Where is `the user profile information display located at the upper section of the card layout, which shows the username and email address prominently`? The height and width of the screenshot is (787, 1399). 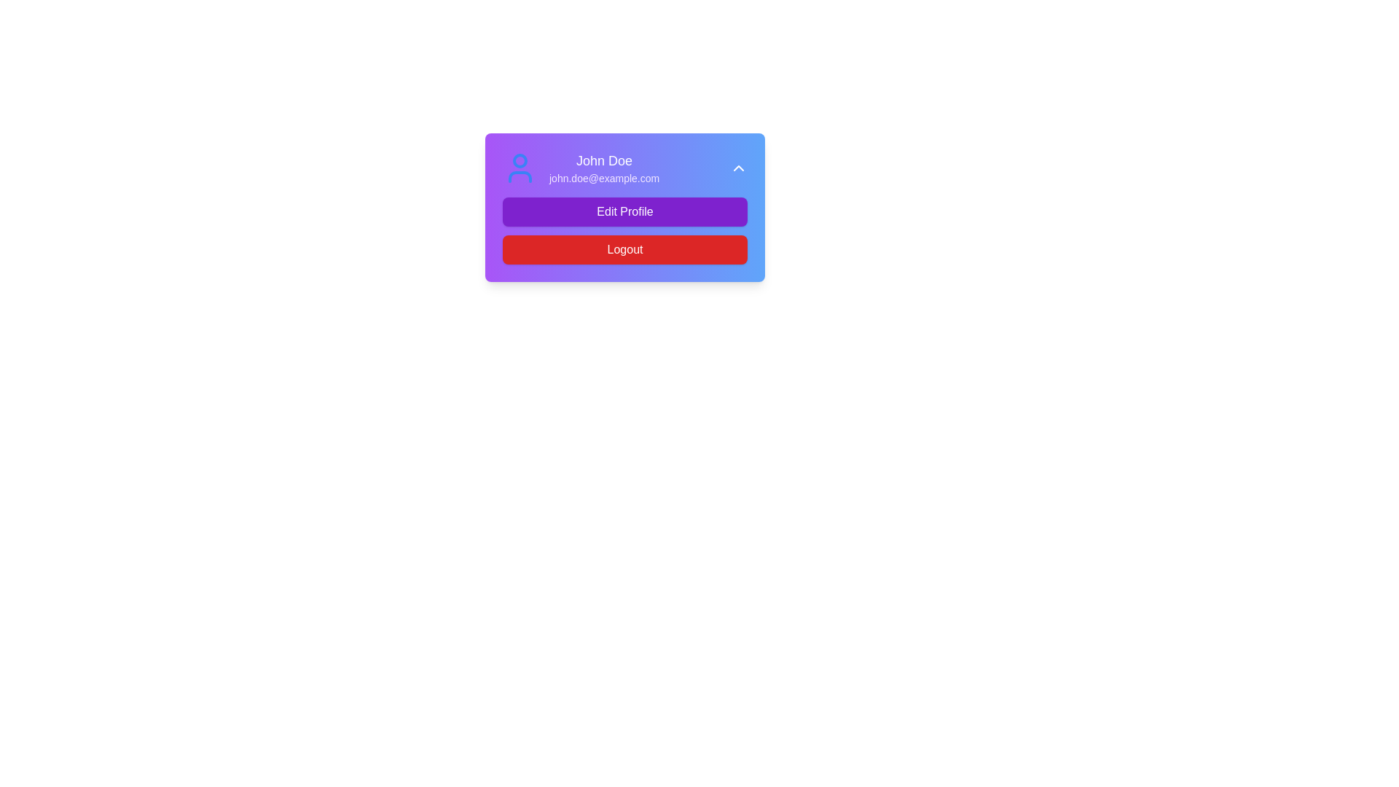
the user profile information display located at the upper section of the card layout, which shows the username and email address prominently is located at coordinates (580, 168).